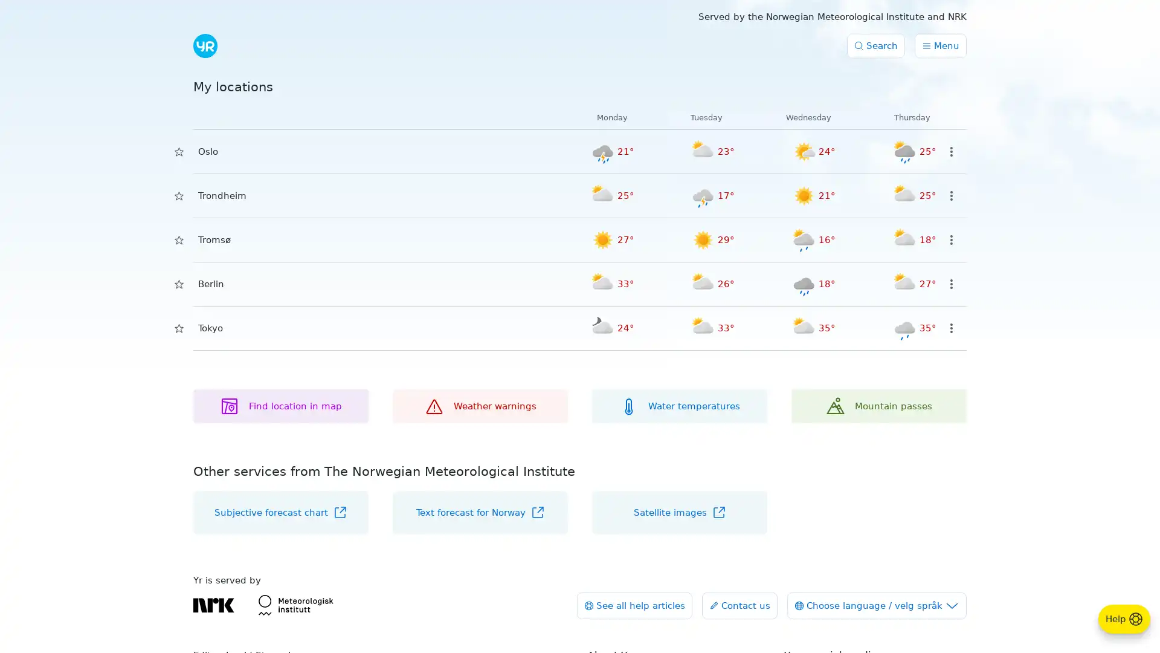 Image resolution: width=1160 pixels, height=653 pixels. Describe the element at coordinates (178, 195) in the screenshot. I see `Add to "My locations"` at that location.